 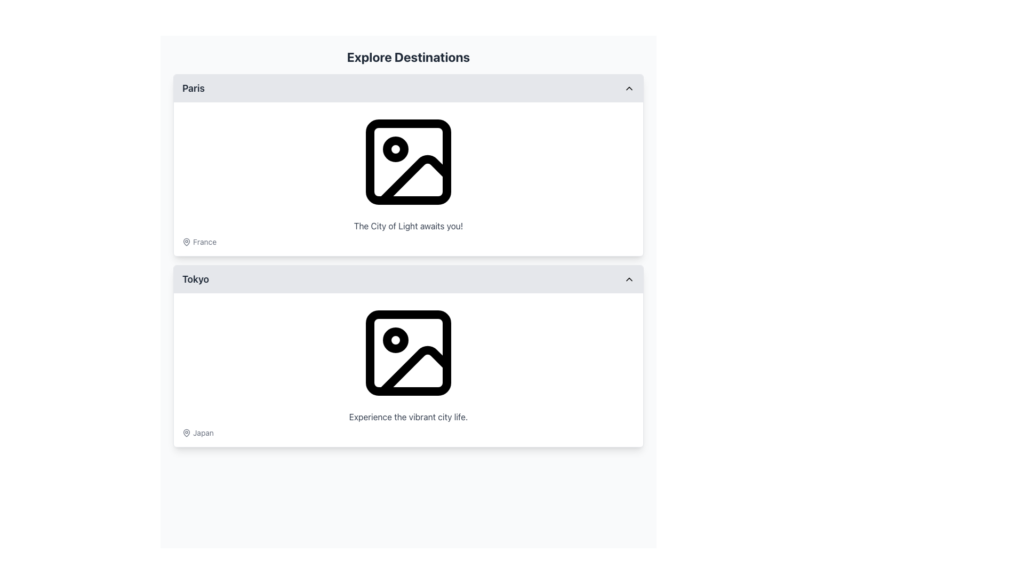 What do you see at coordinates (408, 417) in the screenshot?
I see `descriptive text about 'Tokyo' located in the 'Tokyo' card section, positioned above the 'Japan' text` at bounding box center [408, 417].